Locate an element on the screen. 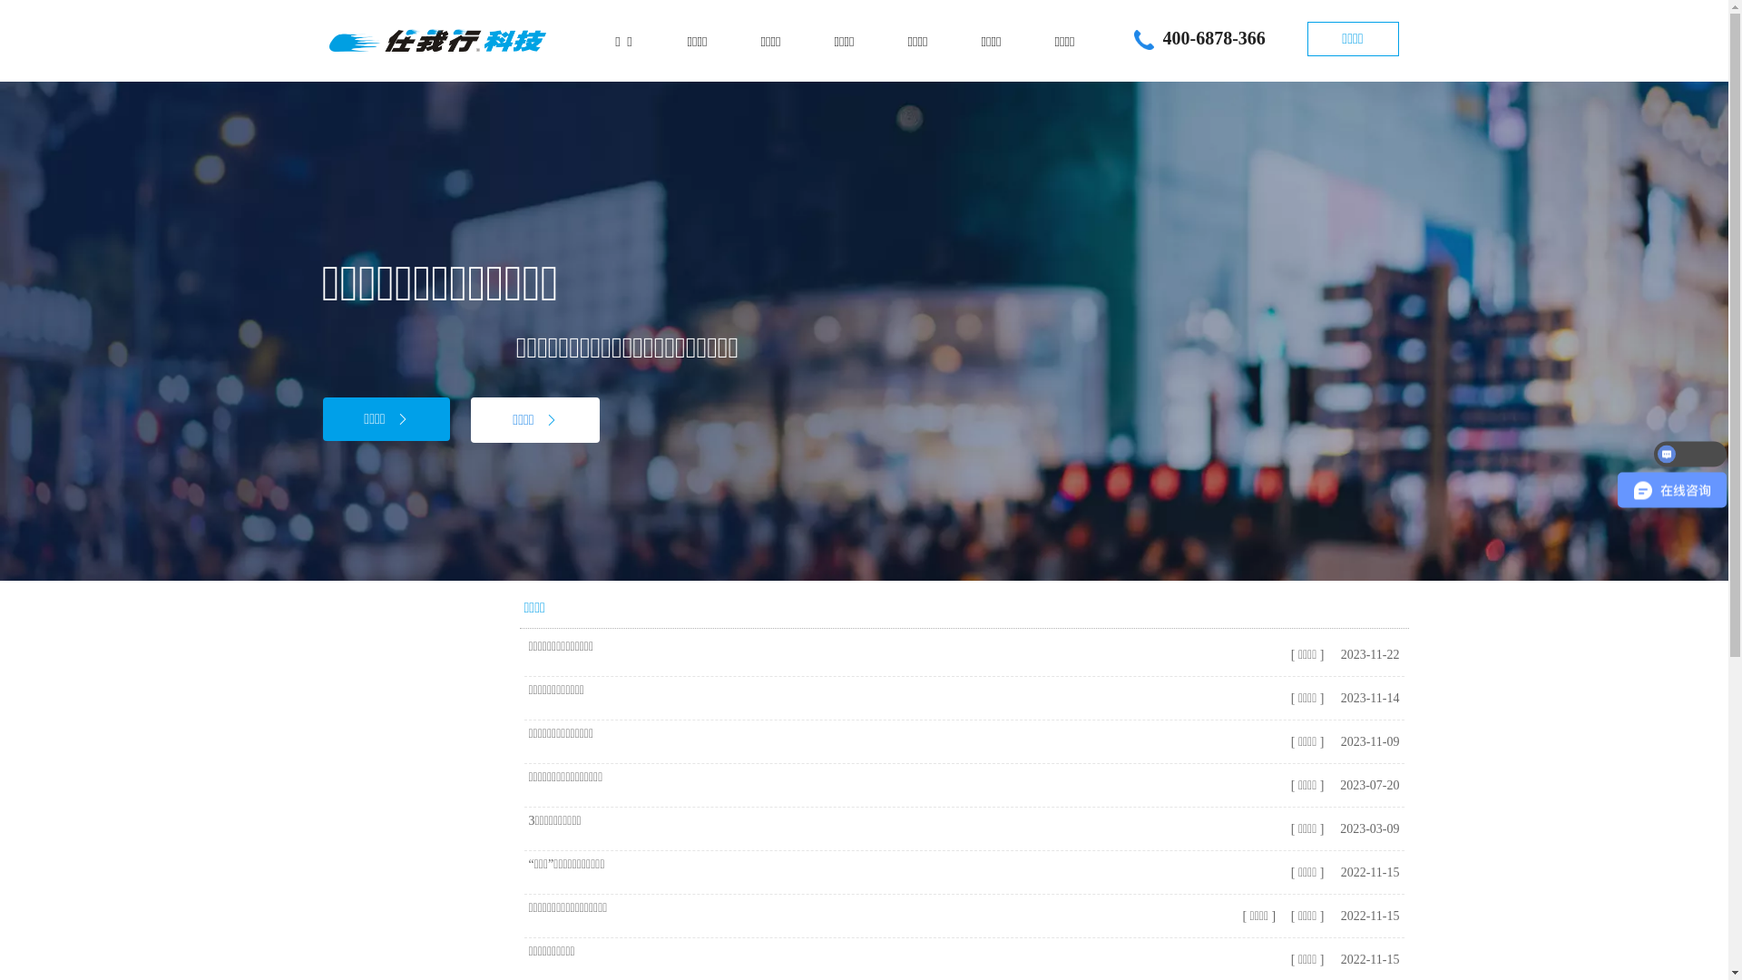 This screenshot has width=1742, height=980. '2023-11-09' is located at coordinates (1367, 741).